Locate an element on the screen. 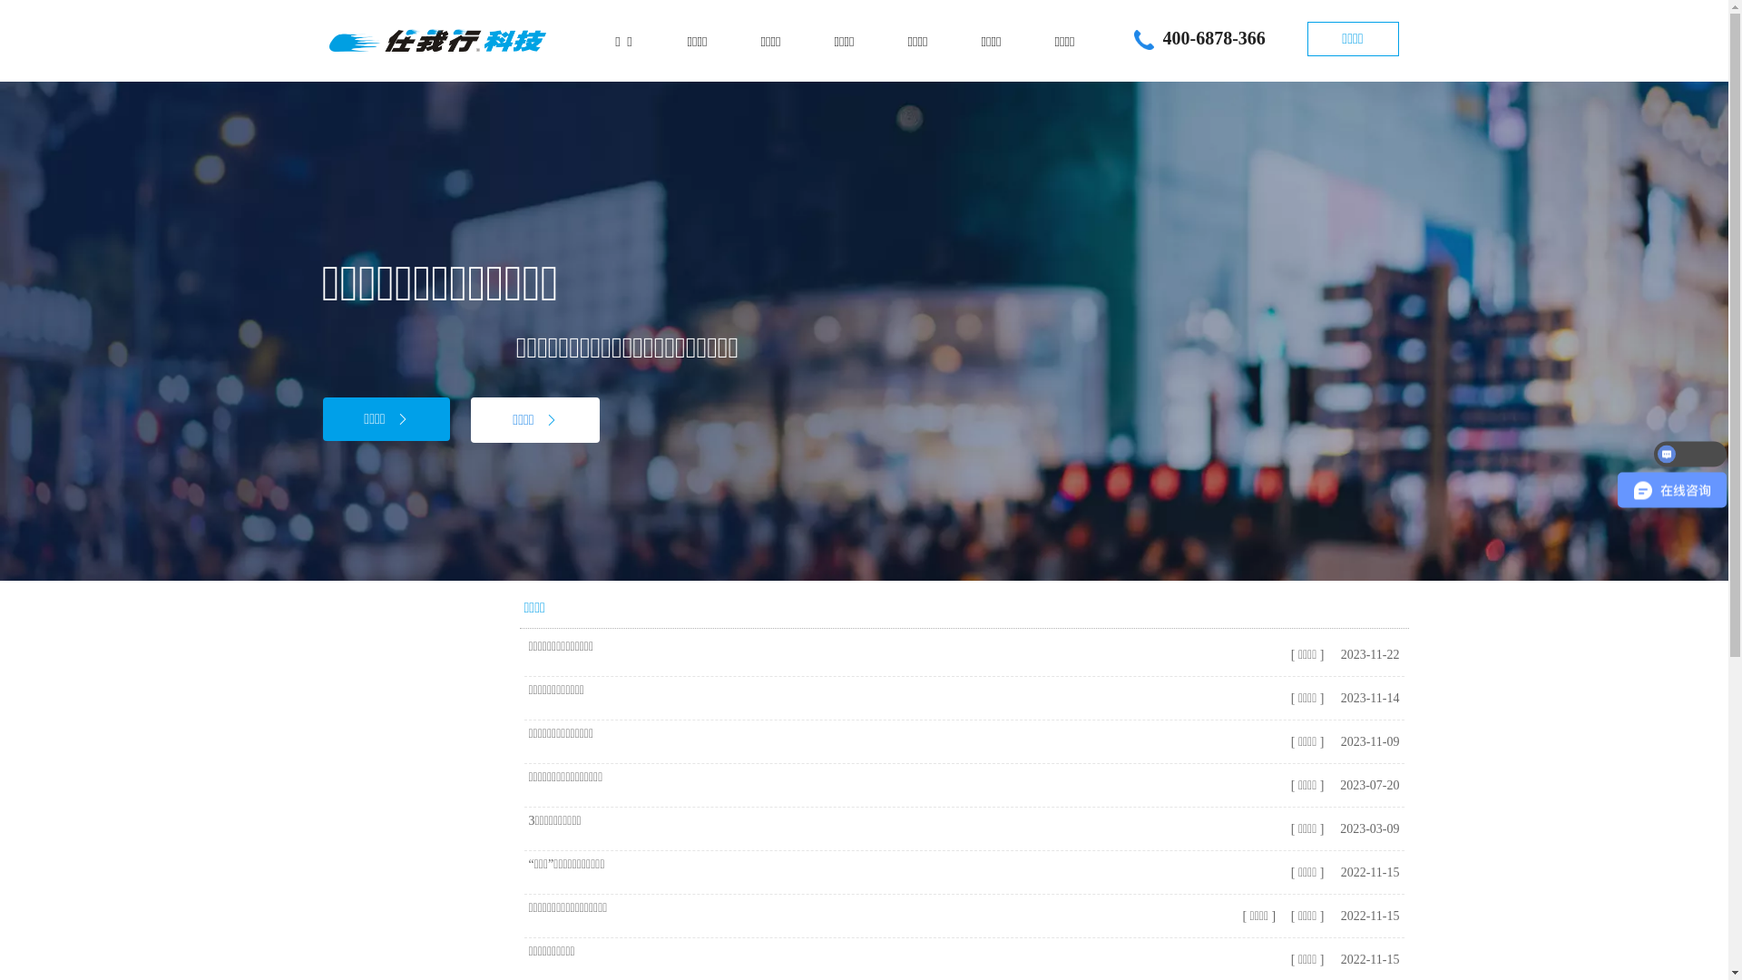 This screenshot has width=1742, height=980. '2023-11-09' is located at coordinates (1367, 741).